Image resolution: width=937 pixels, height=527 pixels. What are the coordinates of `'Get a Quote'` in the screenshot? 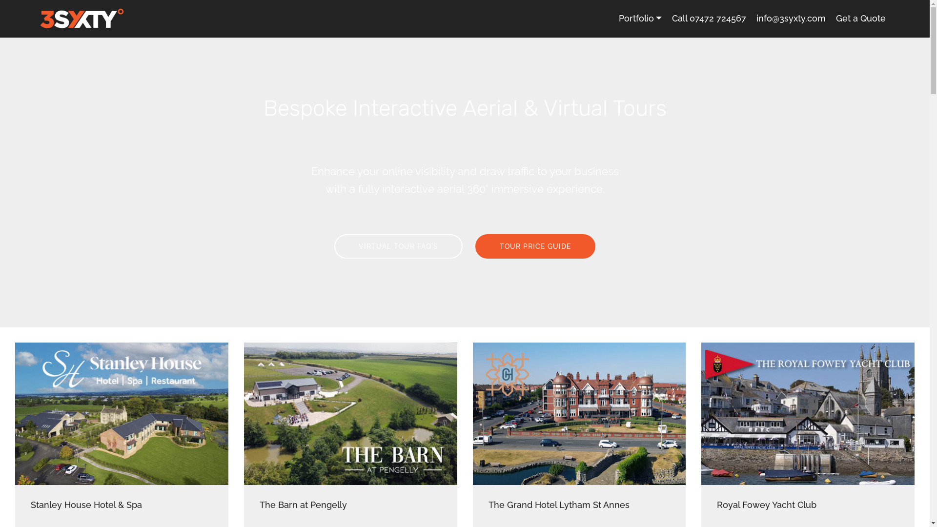 It's located at (860, 19).